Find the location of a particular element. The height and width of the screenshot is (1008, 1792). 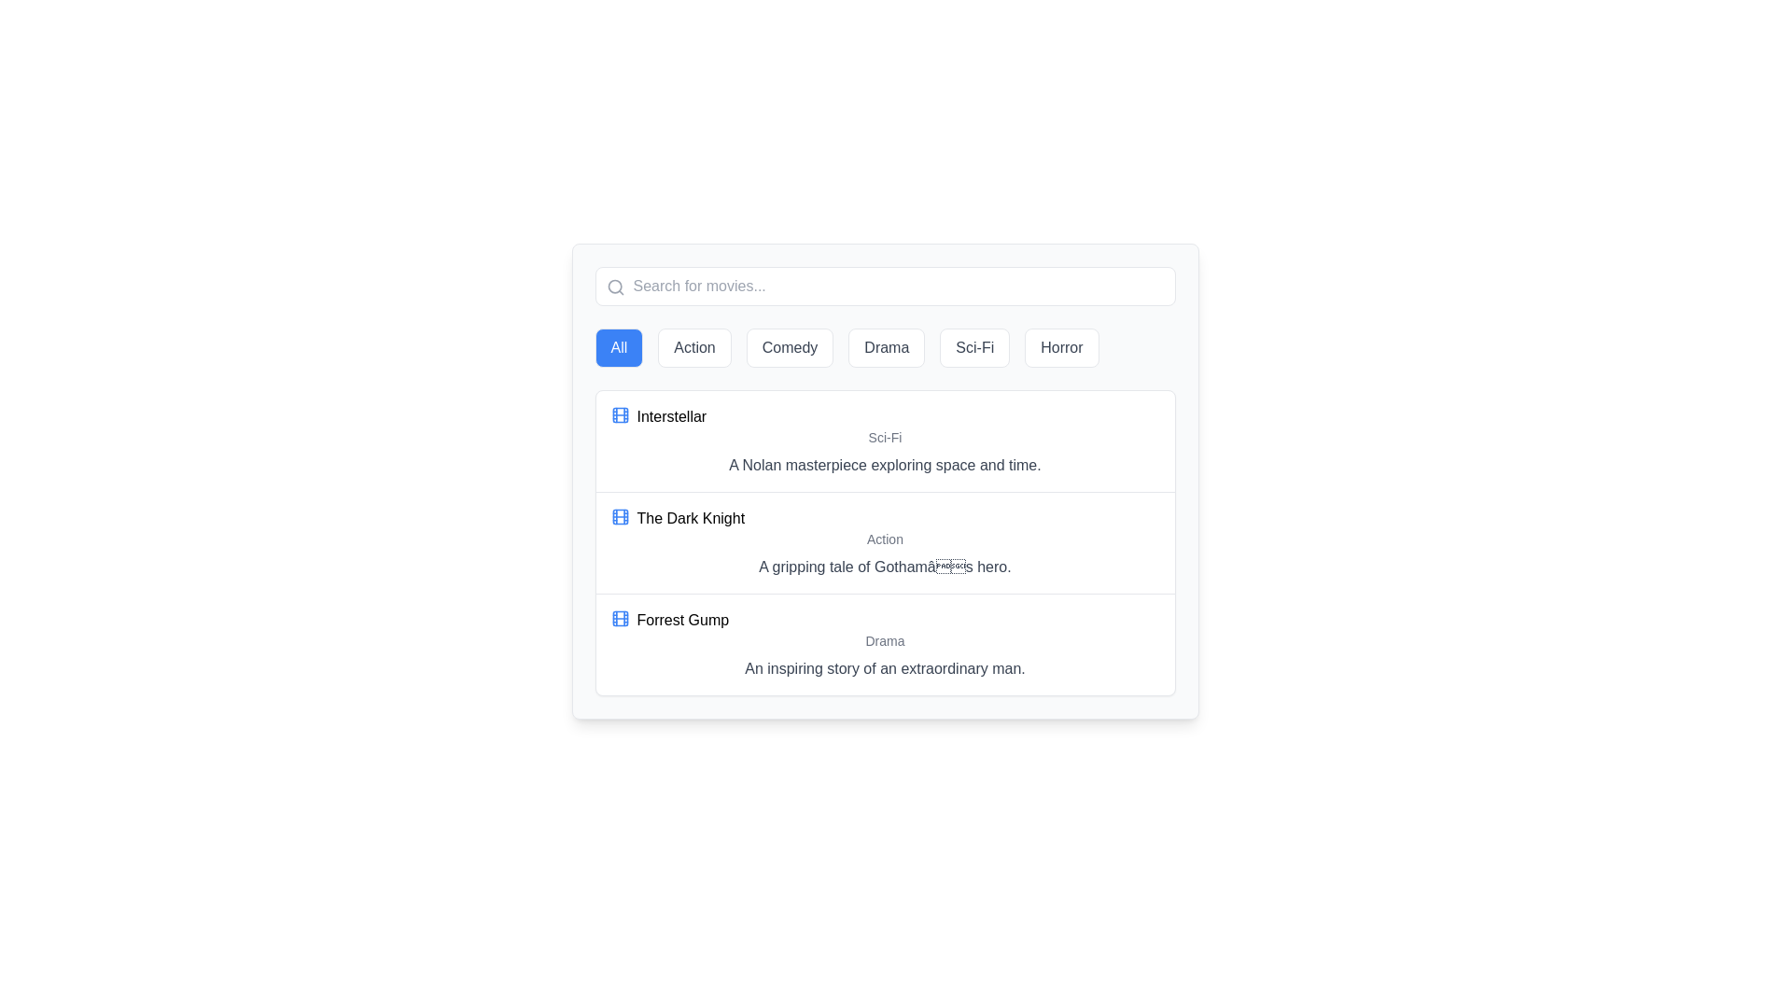

text label displaying 'Action' located below the title 'The Dark Knight' and above the brief description in the movie card is located at coordinates (884, 539).